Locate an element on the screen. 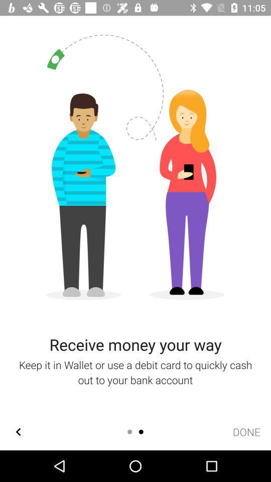  the arrow_backward icon is located at coordinates (18, 431).